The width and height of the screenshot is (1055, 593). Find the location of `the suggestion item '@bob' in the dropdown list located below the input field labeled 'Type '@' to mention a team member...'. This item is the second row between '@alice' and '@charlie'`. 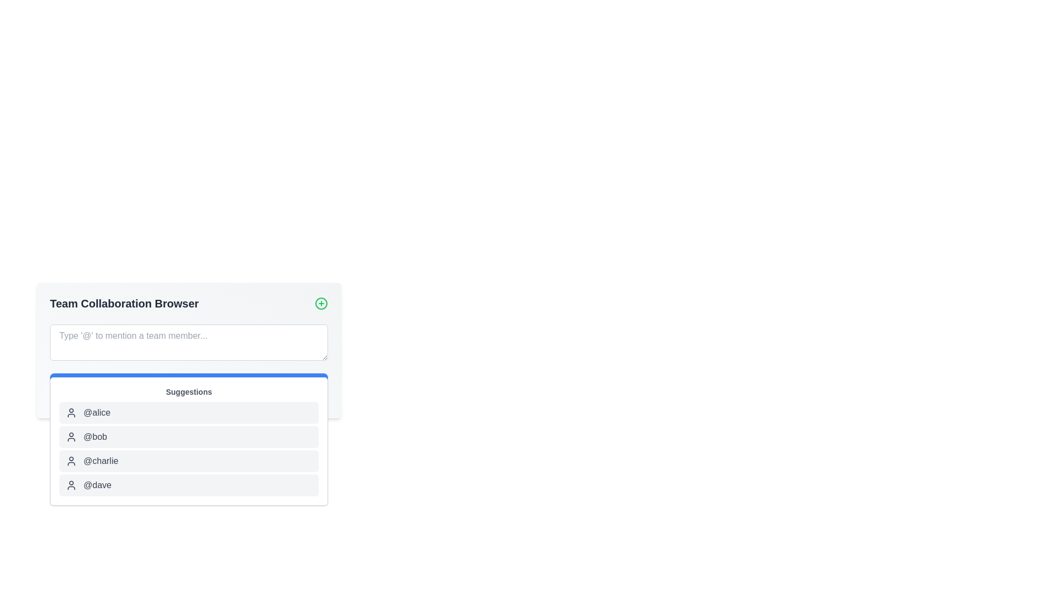

the suggestion item '@bob' in the dropdown list located below the input field labeled 'Type '@' to mention a team member...'. This item is the second row between '@alice' and '@charlie' is located at coordinates (189, 440).